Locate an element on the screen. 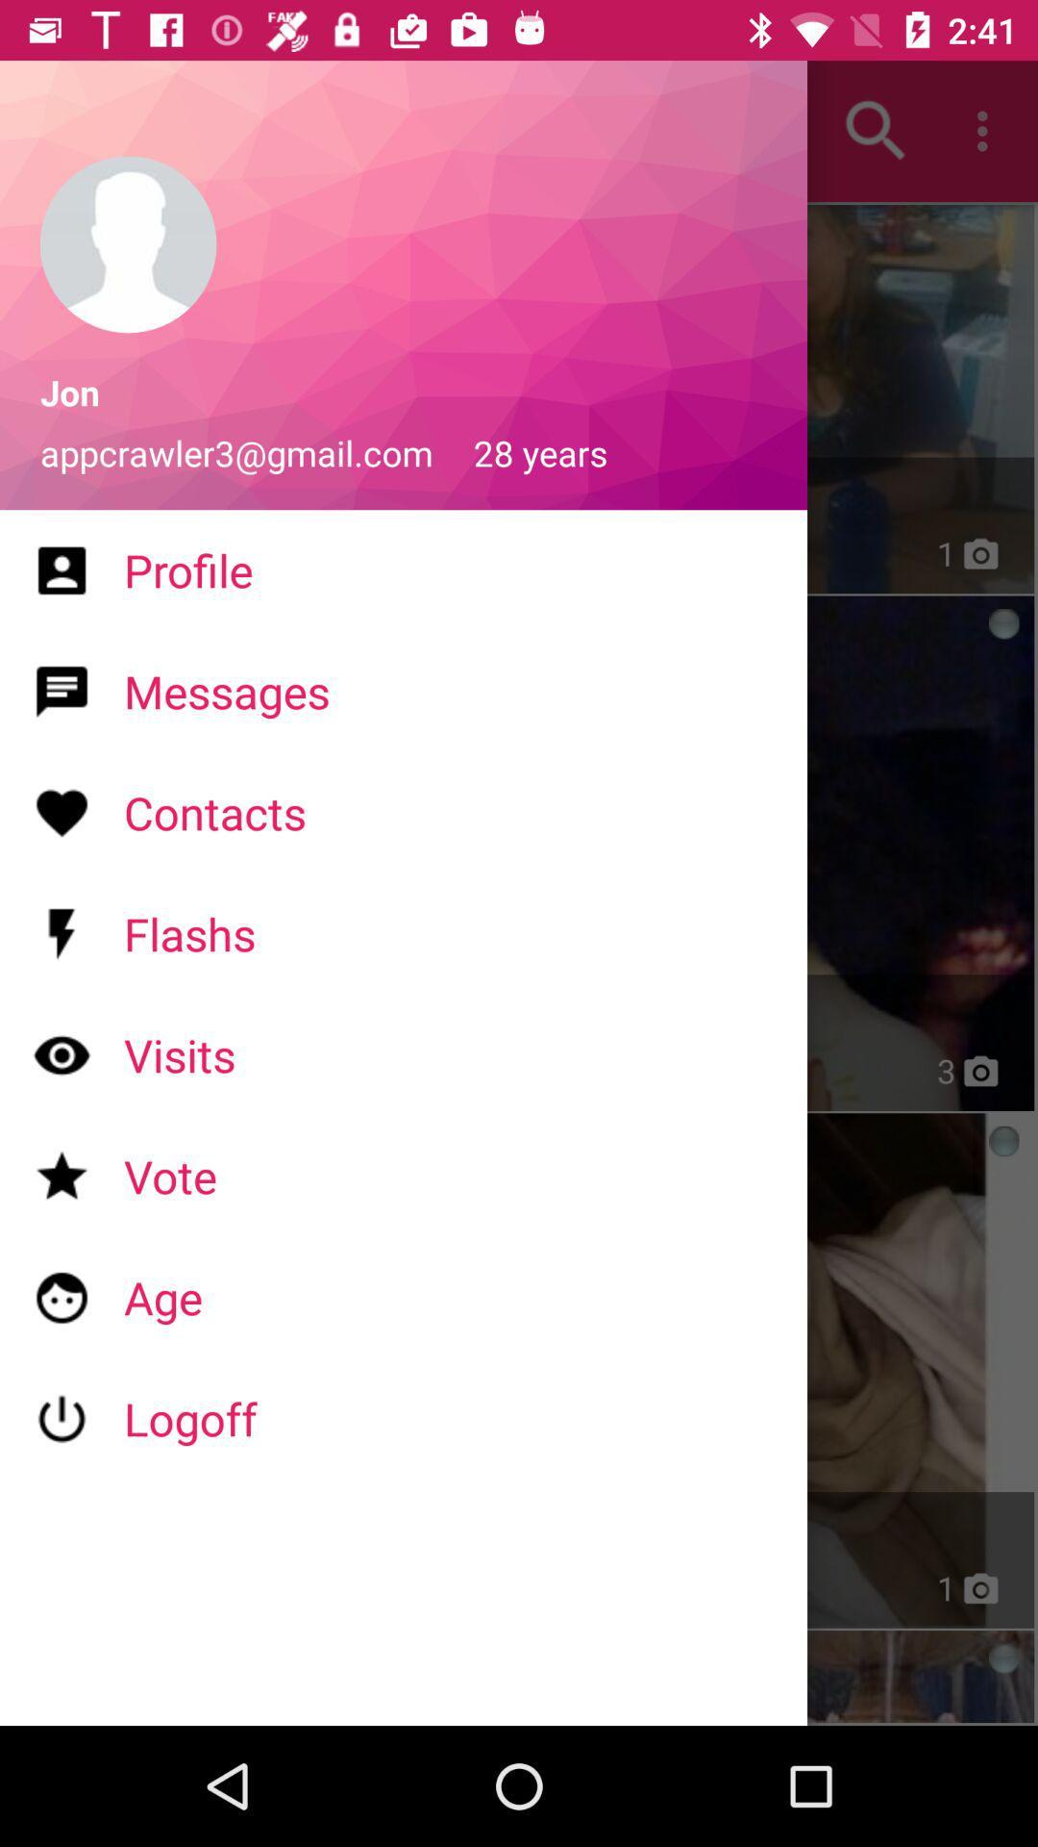  the icon which is left to messages is located at coordinates (62, 692).